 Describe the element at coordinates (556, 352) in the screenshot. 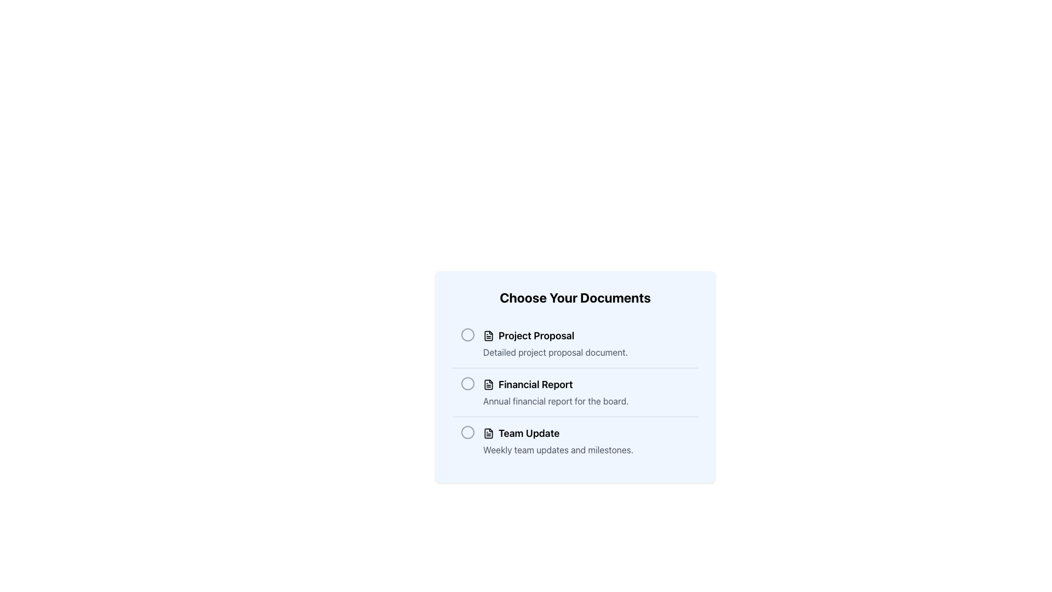

I see `the text label displaying 'Detailed project proposal document.' which is positioned below the heading 'Project Proposal' in the document selection list` at that location.